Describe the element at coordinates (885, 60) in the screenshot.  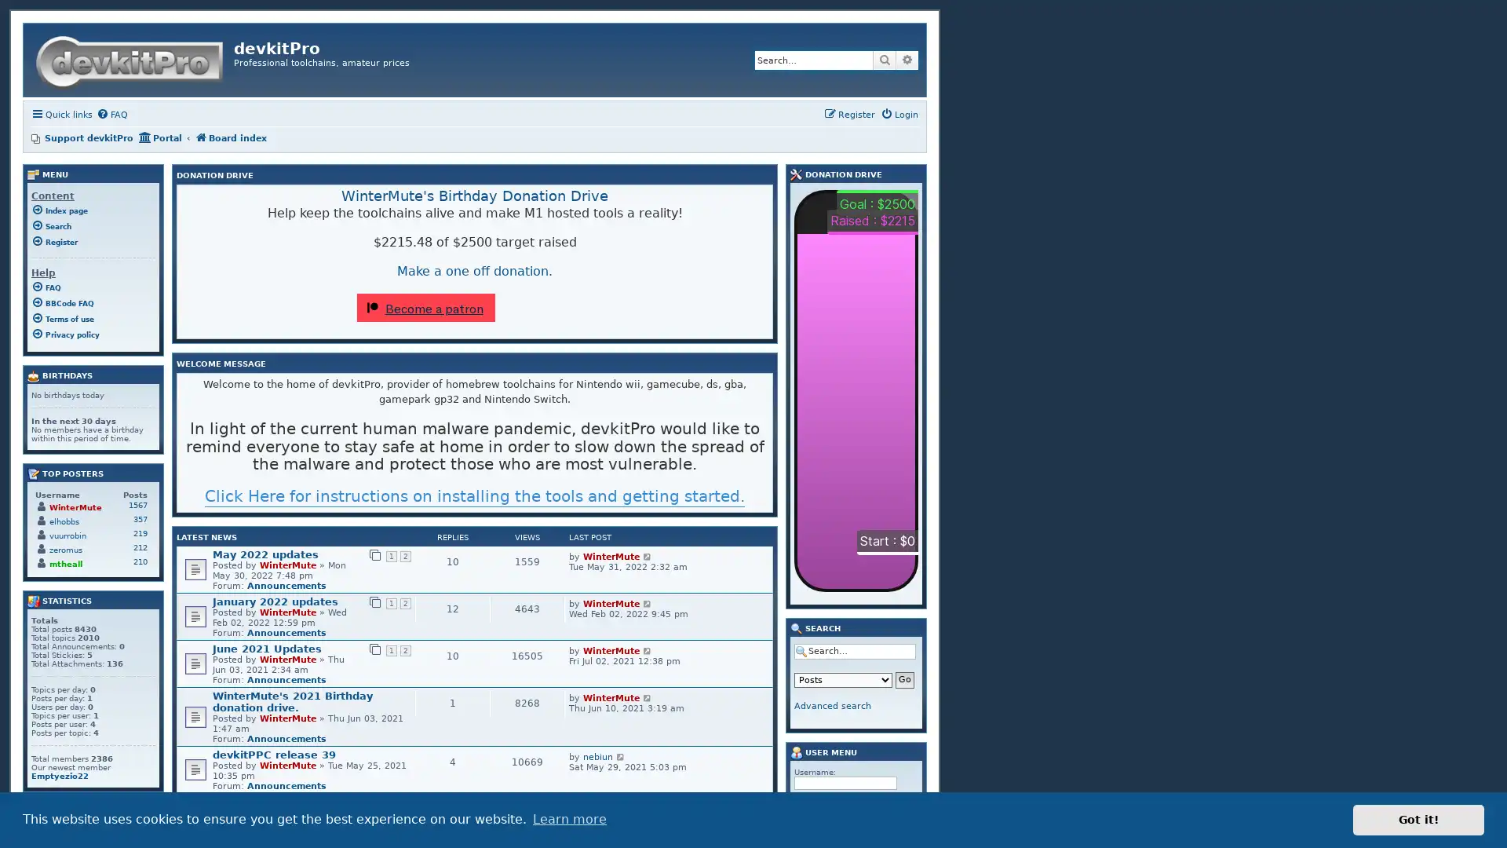
I see `Search` at that location.